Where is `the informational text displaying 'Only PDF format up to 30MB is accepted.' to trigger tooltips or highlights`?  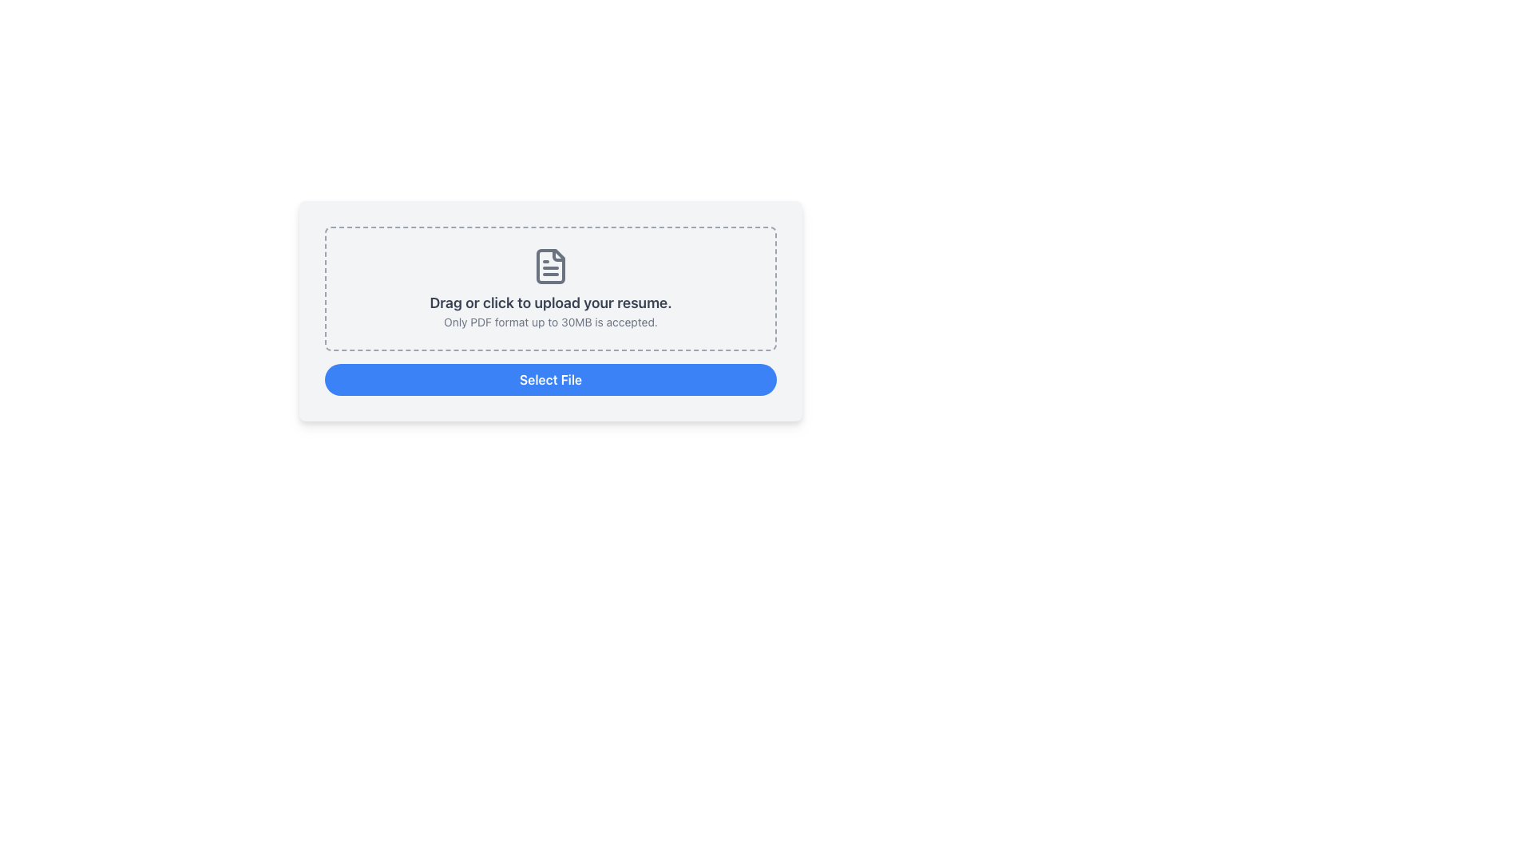 the informational text displaying 'Only PDF format up to 30MB is accepted.' to trigger tooltips or highlights is located at coordinates (551, 322).